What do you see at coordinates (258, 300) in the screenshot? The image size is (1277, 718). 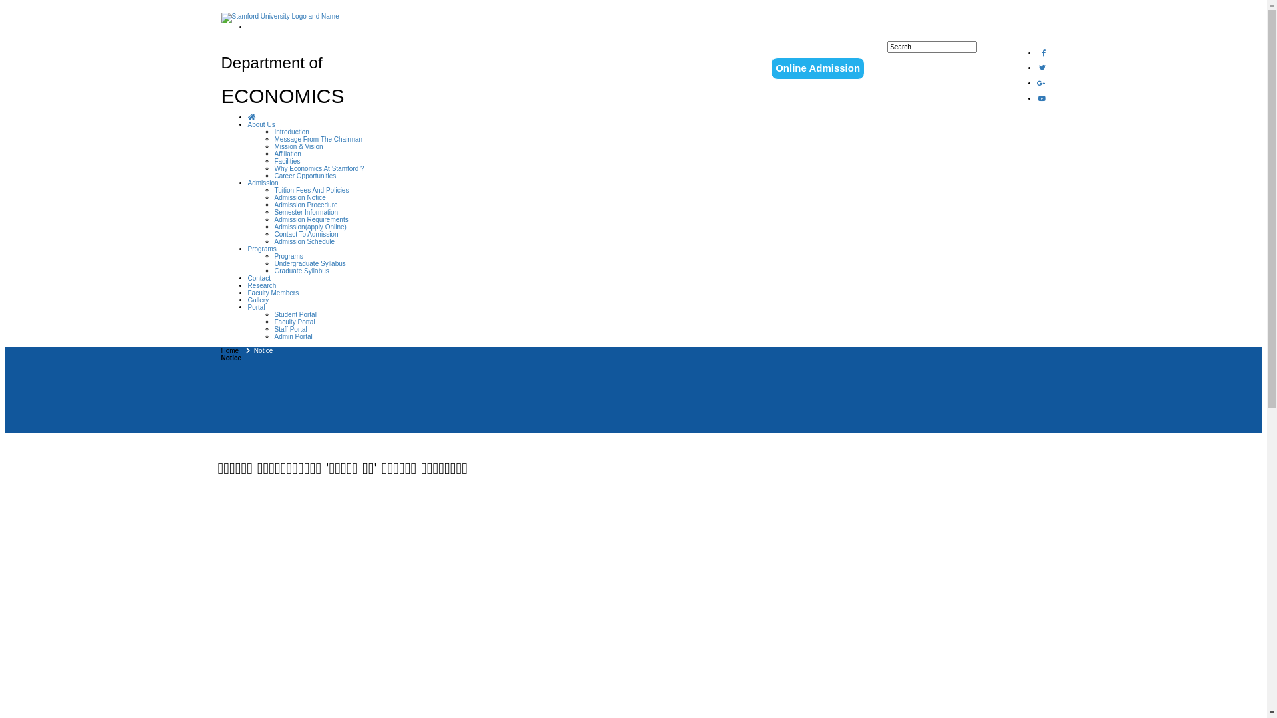 I see `'Gallery'` at bounding box center [258, 300].